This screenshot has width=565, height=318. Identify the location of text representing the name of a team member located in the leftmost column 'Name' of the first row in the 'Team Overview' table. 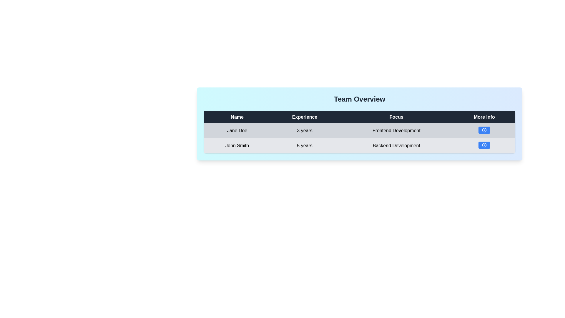
(237, 130).